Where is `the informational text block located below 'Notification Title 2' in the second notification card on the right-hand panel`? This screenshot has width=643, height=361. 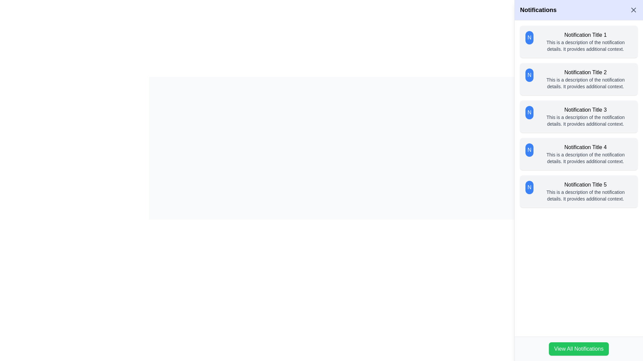
the informational text block located below 'Notification Title 2' in the second notification card on the right-hand panel is located at coordinates (585, 83).